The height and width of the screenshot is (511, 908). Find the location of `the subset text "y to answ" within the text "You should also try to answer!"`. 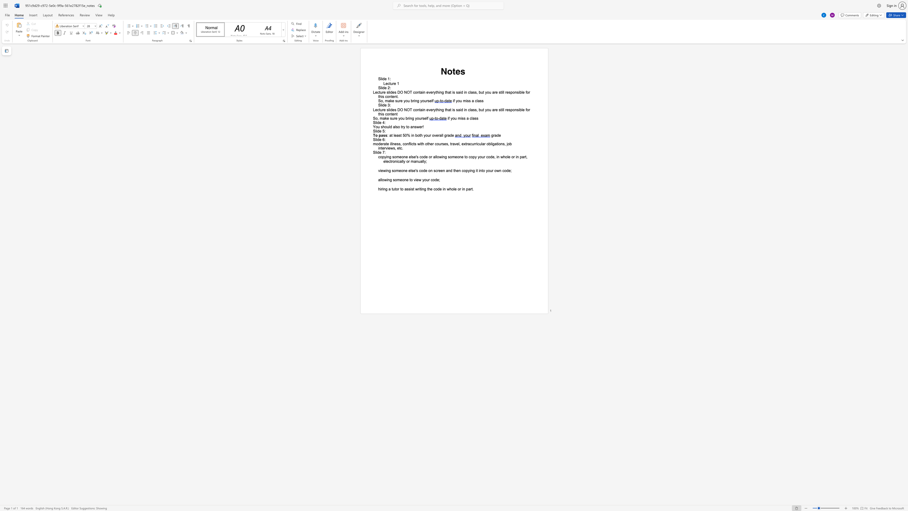

the subset text "y to answ" within the text "You should also try to answer!" is located at coordinates (403, 127).